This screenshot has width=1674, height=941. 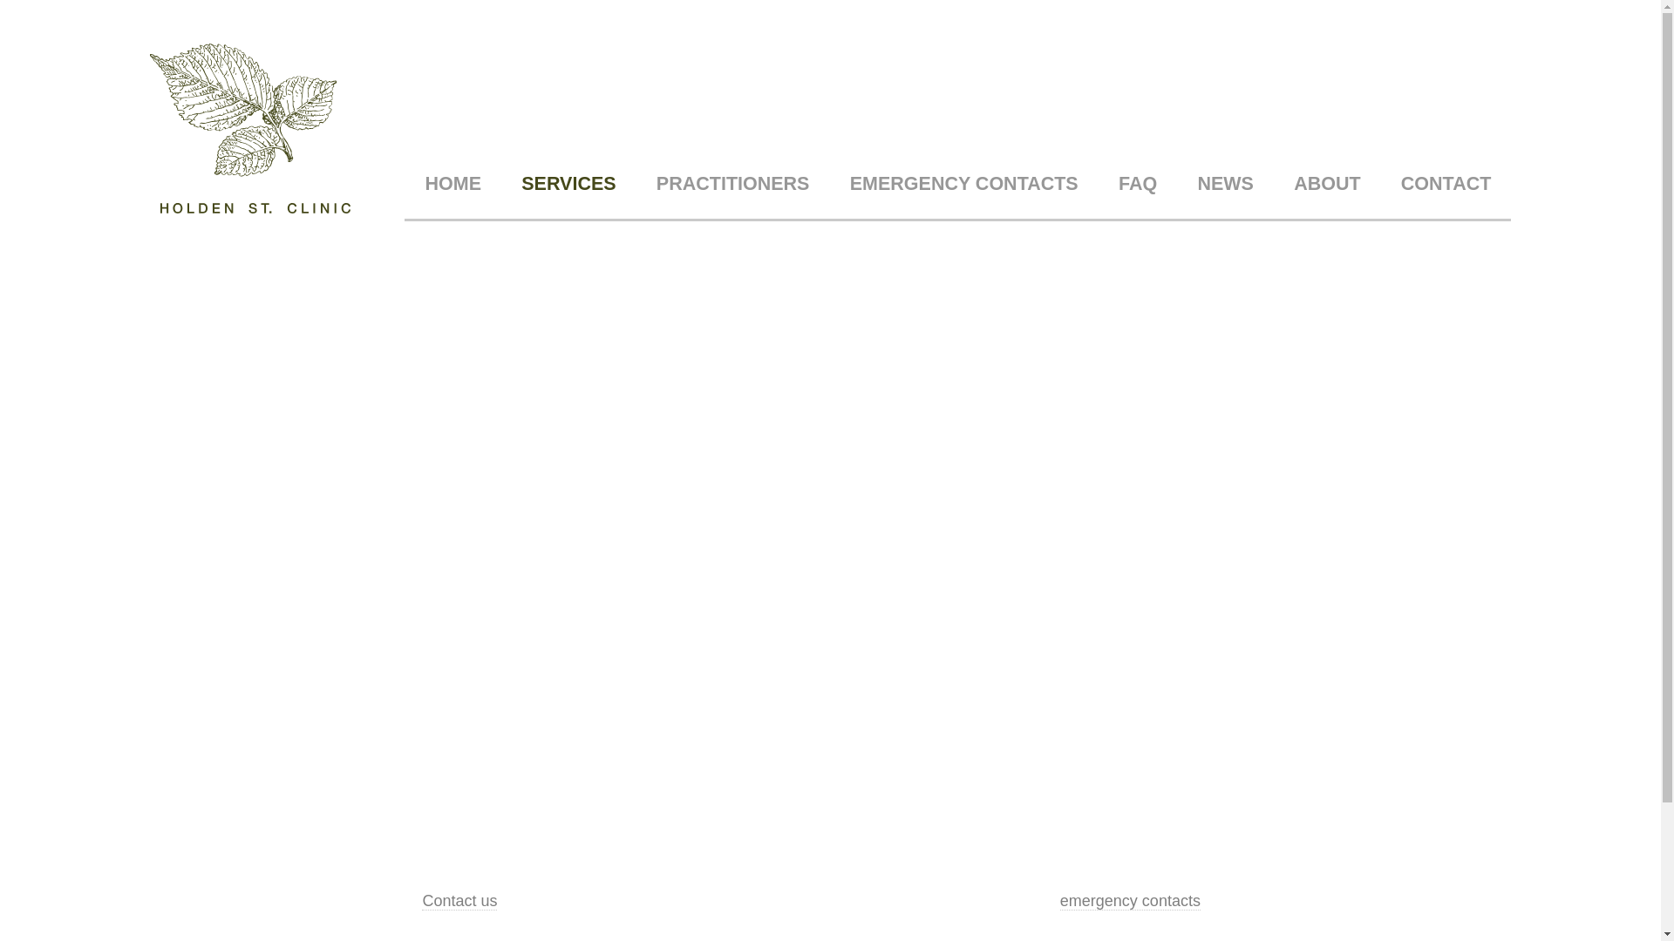 What do you see at coordinates (1326, 184) in the screenshot?
I see `'ABOUT'` at bounding box center [1326, 184].